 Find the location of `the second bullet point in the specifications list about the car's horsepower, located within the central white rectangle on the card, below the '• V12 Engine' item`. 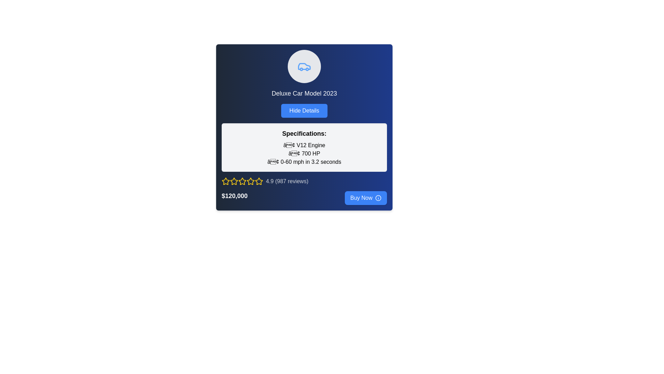

the second bullet point in the specifications list about the car's horsepower, located within the central white rectangle on the card, below the '• V12 Engine' item is located at coordinates (304, 153).